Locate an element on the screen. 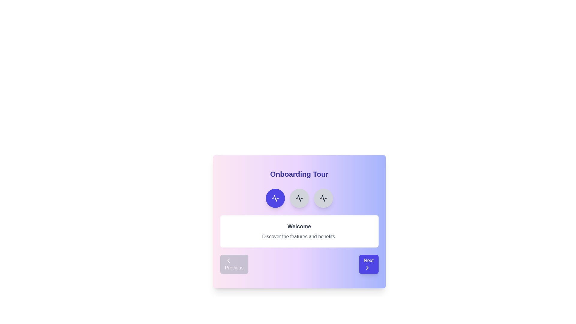  the first circular button with a purple background and a white pulse-like icon in the 'Onboarding Tour' section is located at coordinates (275, 198).